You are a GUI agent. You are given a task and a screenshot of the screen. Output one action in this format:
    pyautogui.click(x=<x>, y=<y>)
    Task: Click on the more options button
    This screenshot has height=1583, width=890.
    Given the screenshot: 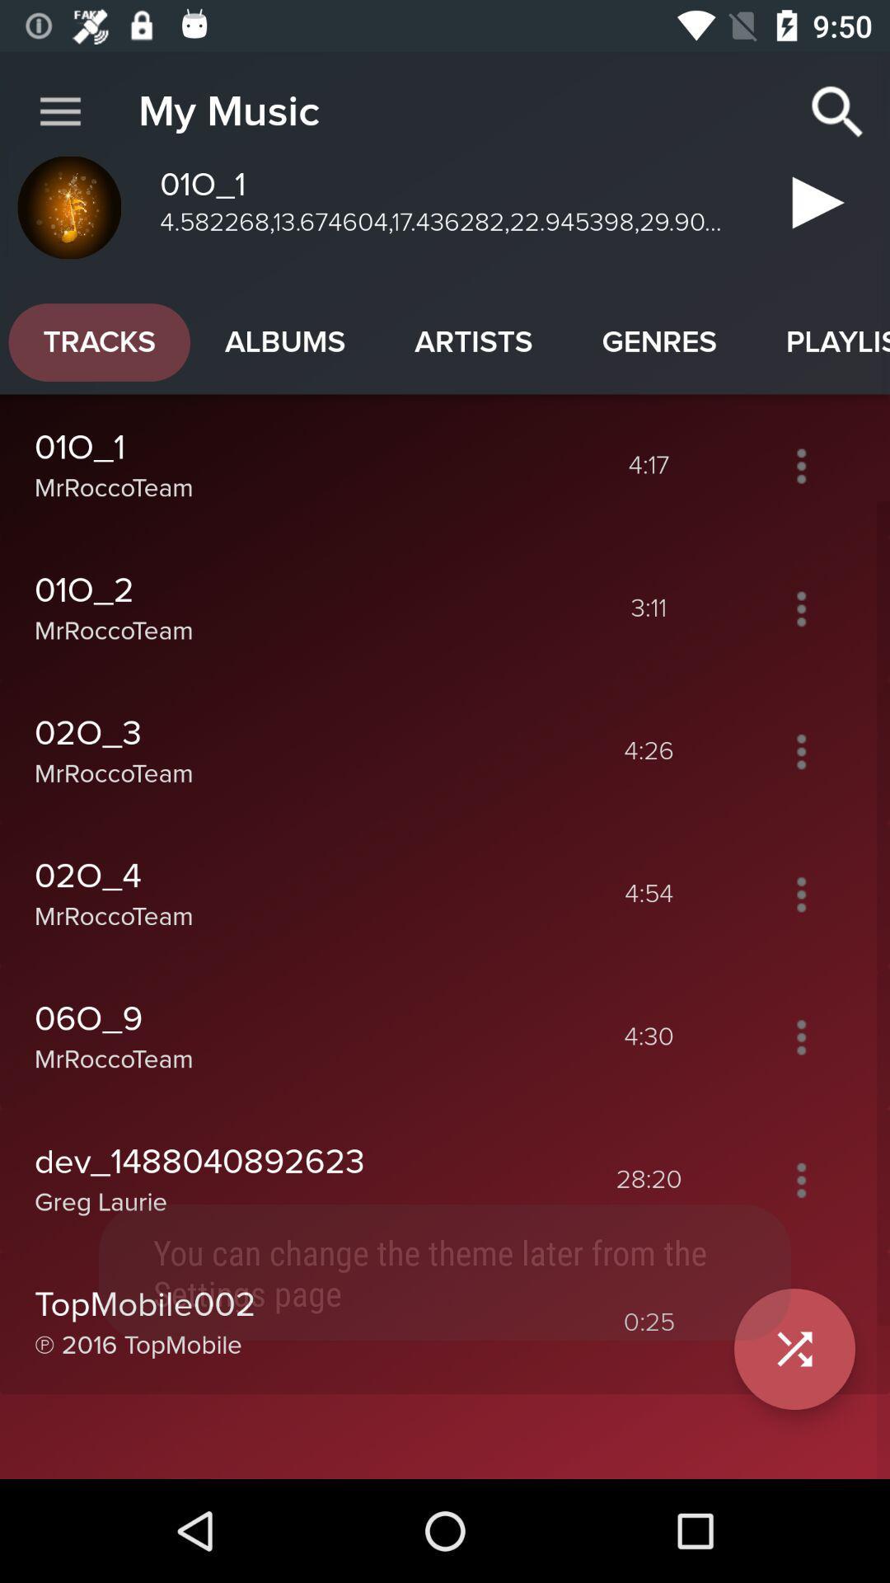 What is the action you would take?
    pyautogui.click(x=800, y=1179)
    